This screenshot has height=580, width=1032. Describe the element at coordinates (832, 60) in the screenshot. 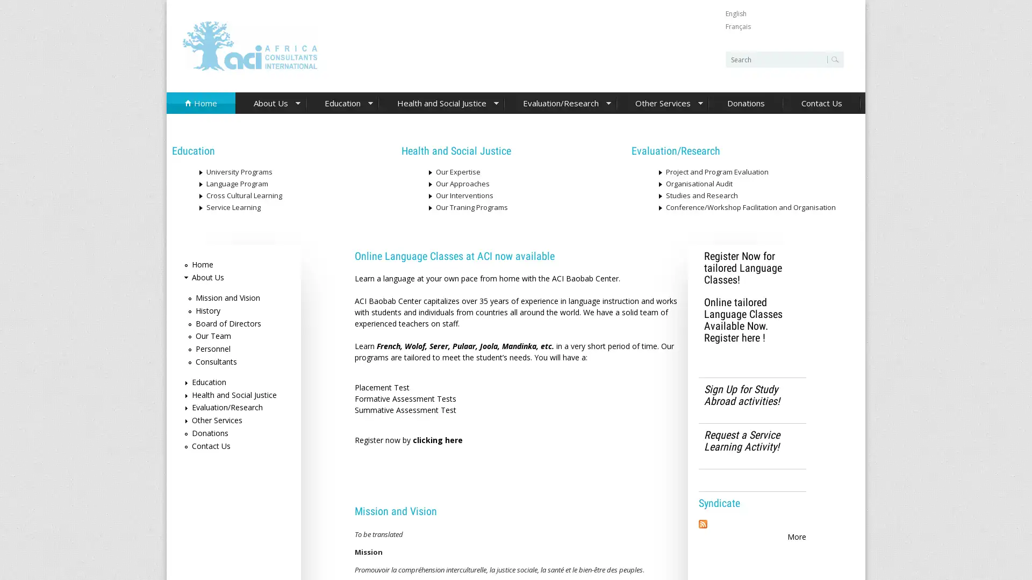

I see `Search` at that location.